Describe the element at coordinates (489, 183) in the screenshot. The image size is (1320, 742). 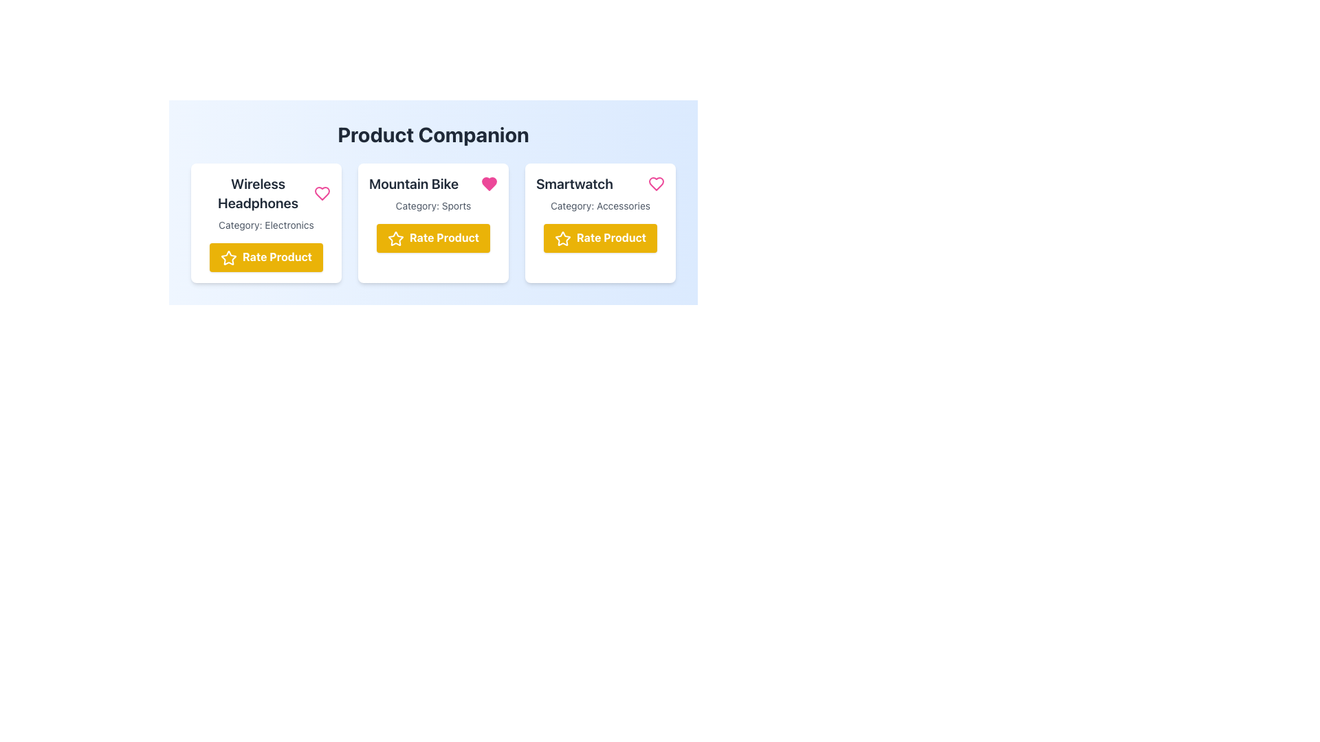
I see `the interactive heart-shaped icon` at that location.